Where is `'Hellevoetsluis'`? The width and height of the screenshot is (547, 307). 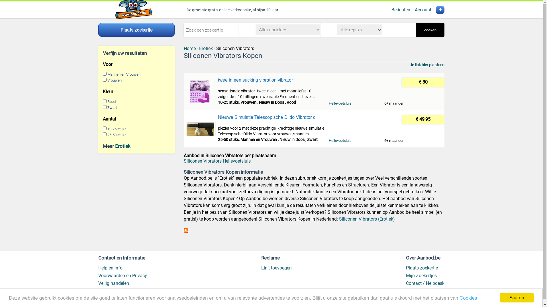
'Hellevoetsluis' is located at coordinates (340, 140).